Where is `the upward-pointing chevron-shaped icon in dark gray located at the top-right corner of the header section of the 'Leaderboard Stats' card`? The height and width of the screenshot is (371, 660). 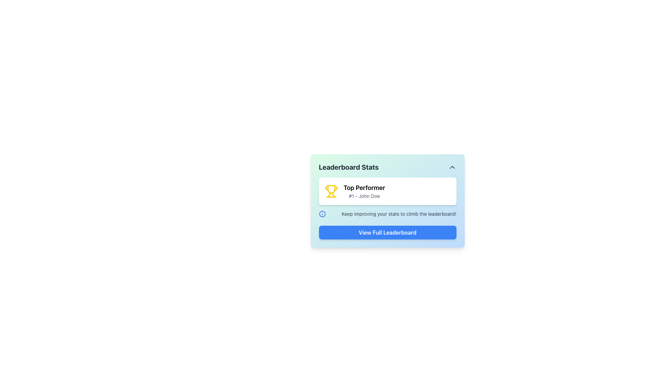 the upward-pointing chevron-shaped icon in dark gray located at the top-right corner of the header section of the 'Leaderboard Stats' card is located at coordinates (452, 167).